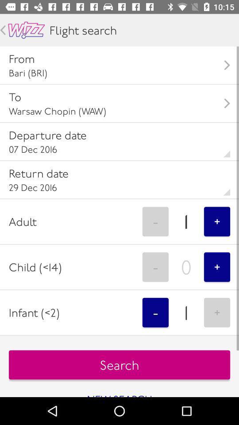 The width and height of the screenshot is (239, 425). Describe the element at coordinates (155, 221) in the screenshot. I see `the icon next to the adult icon` at that location.